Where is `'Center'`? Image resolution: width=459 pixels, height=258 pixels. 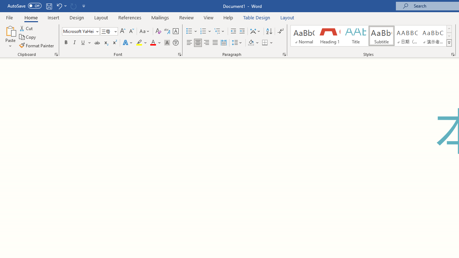 'Center' is located at coordinates (198, 43).